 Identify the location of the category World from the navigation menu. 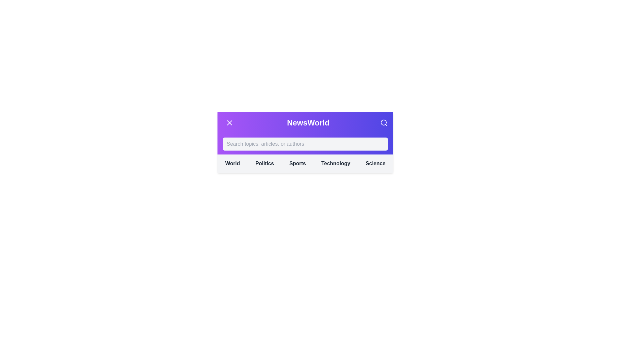
(232, 163).